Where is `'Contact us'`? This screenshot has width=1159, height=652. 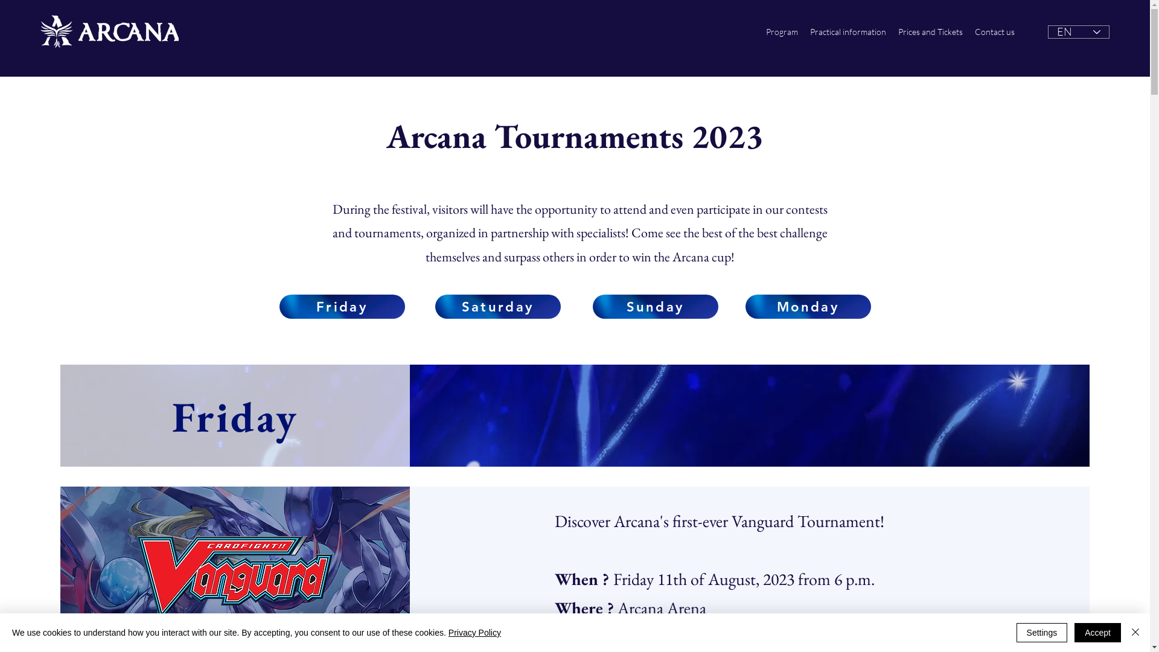
'Contact us' is located at coordinates (994, 31).